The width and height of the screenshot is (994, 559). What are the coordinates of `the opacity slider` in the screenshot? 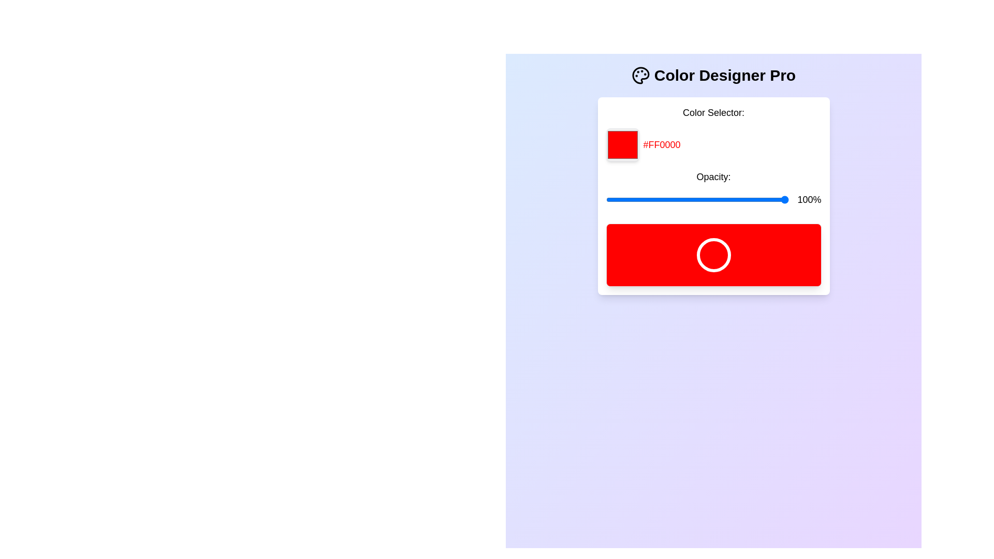 It's located at (765, 199).